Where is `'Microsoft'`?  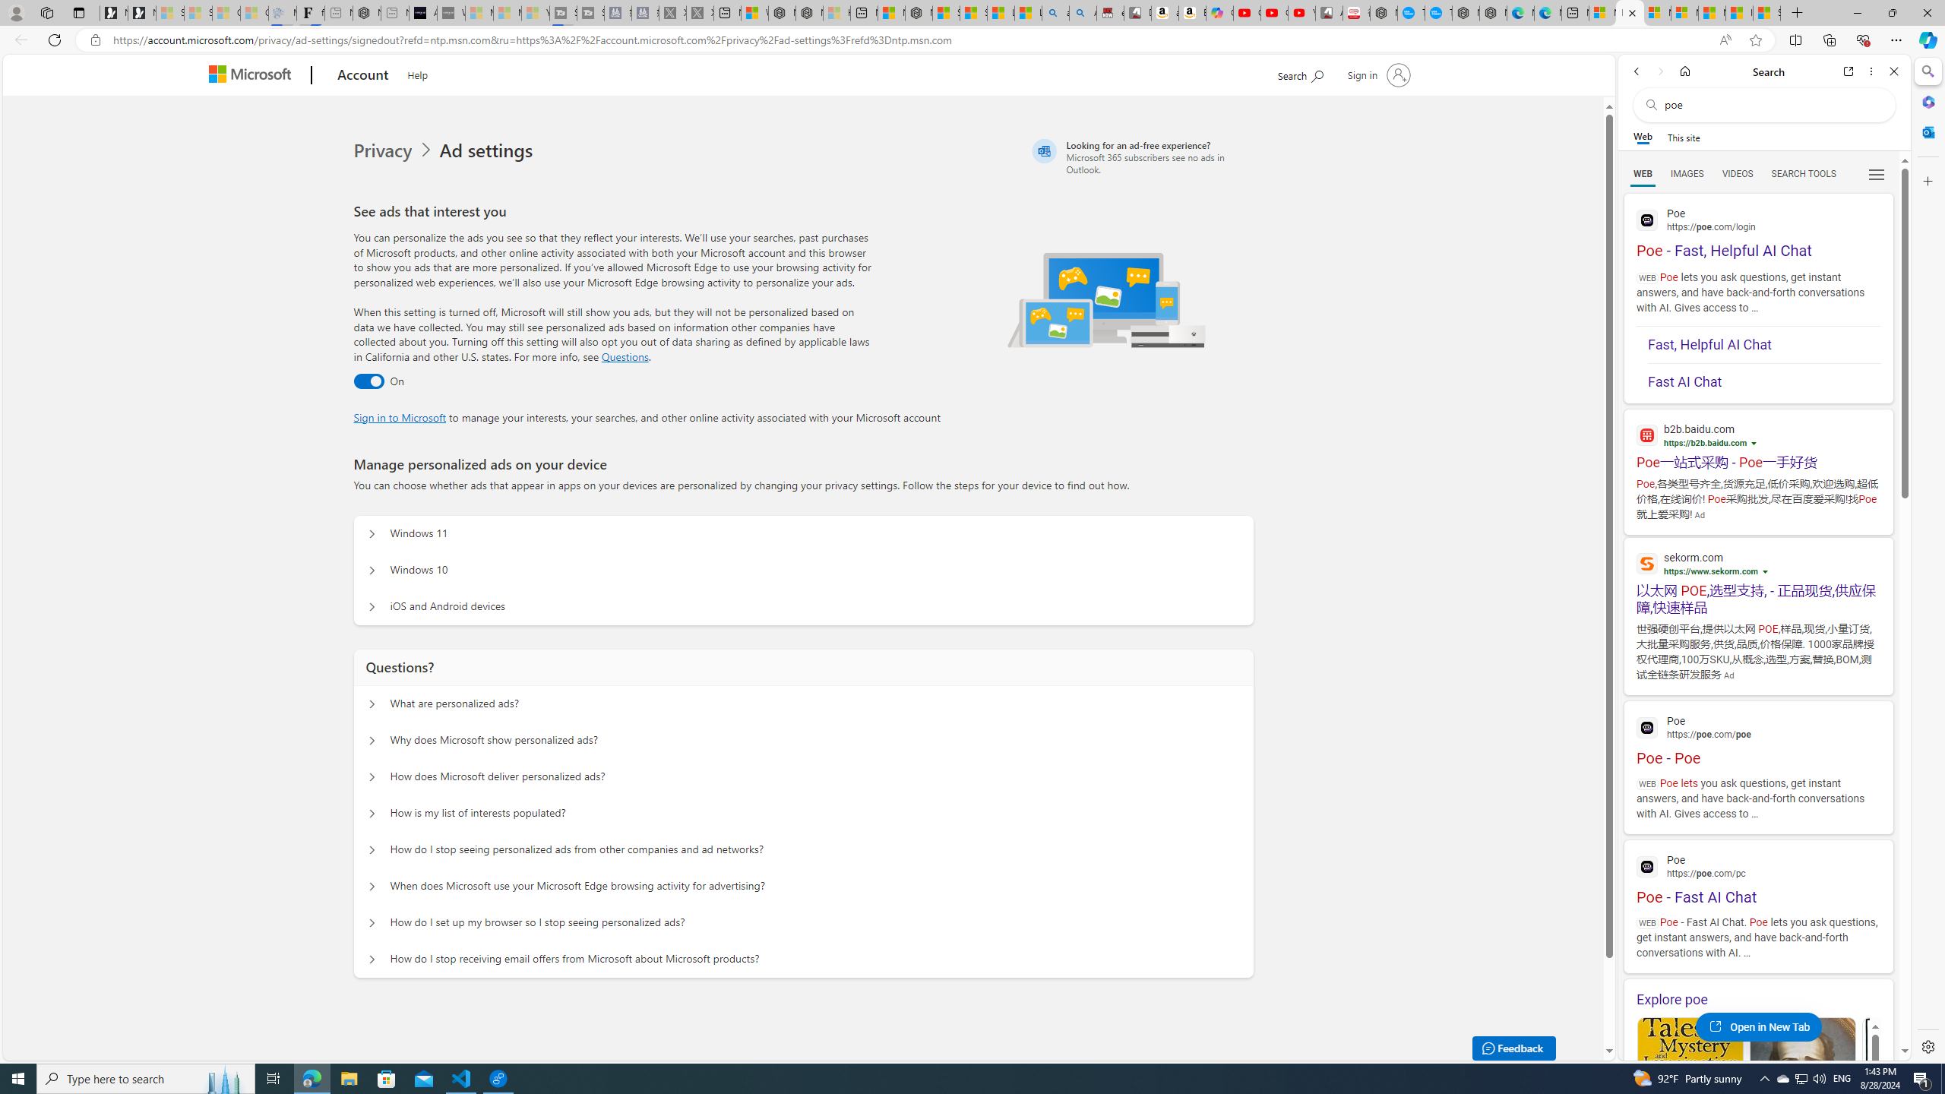 'Microsoft' is located at coordinates (254, 75).